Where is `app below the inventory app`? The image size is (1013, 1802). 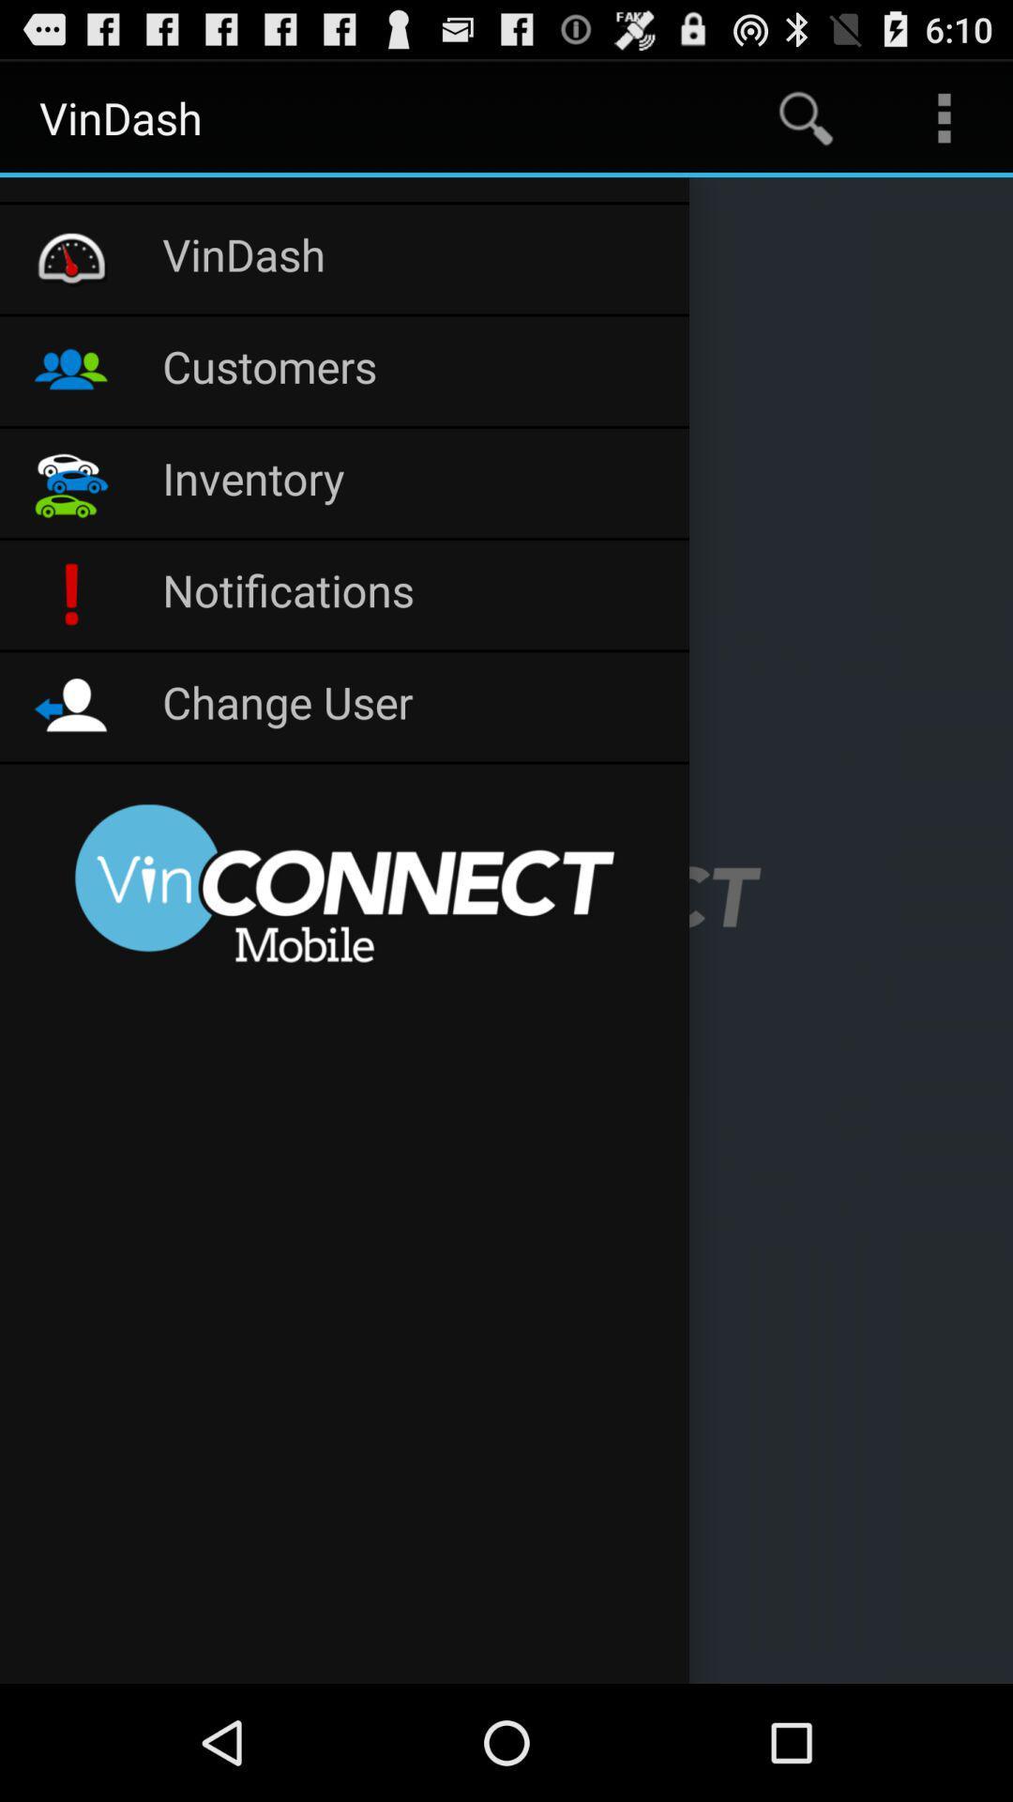 app below the inventory app is located at coordinates (415, 593).